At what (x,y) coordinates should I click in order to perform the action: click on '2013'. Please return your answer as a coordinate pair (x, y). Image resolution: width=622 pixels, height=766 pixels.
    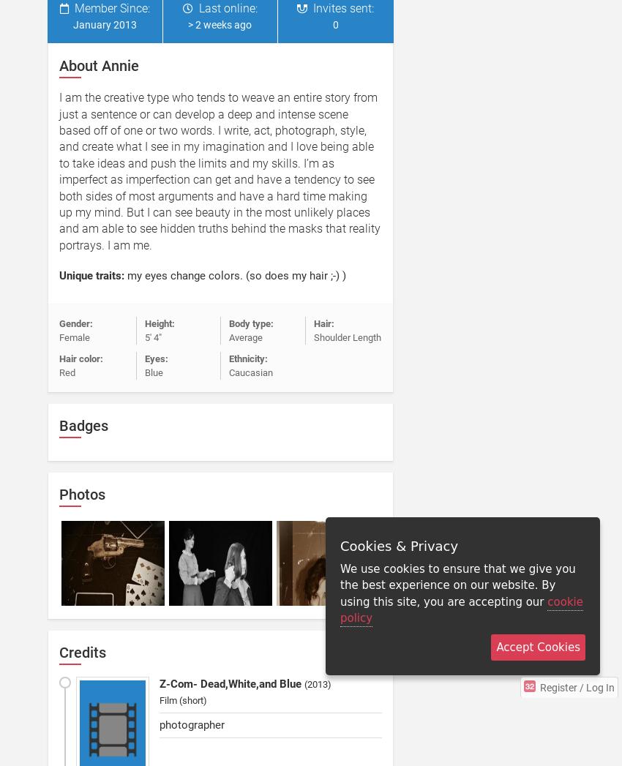
    Looking at the image, I should click on (317, 684).